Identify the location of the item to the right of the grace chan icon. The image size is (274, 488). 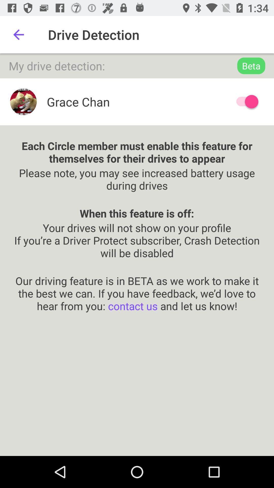
(245, 102).